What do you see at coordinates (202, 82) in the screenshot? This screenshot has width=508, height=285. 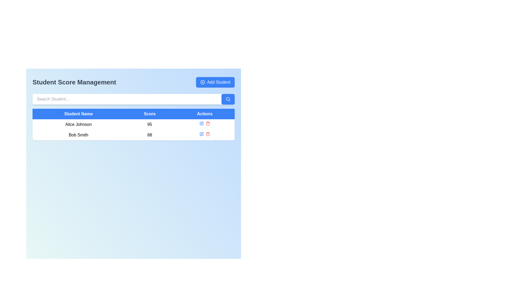 I see `the Graphical SVG Circle that visually represents the 'Add' action as part of the 'Add Student' button located in the top-right corner of the interface` at bounding box center [202, 82].